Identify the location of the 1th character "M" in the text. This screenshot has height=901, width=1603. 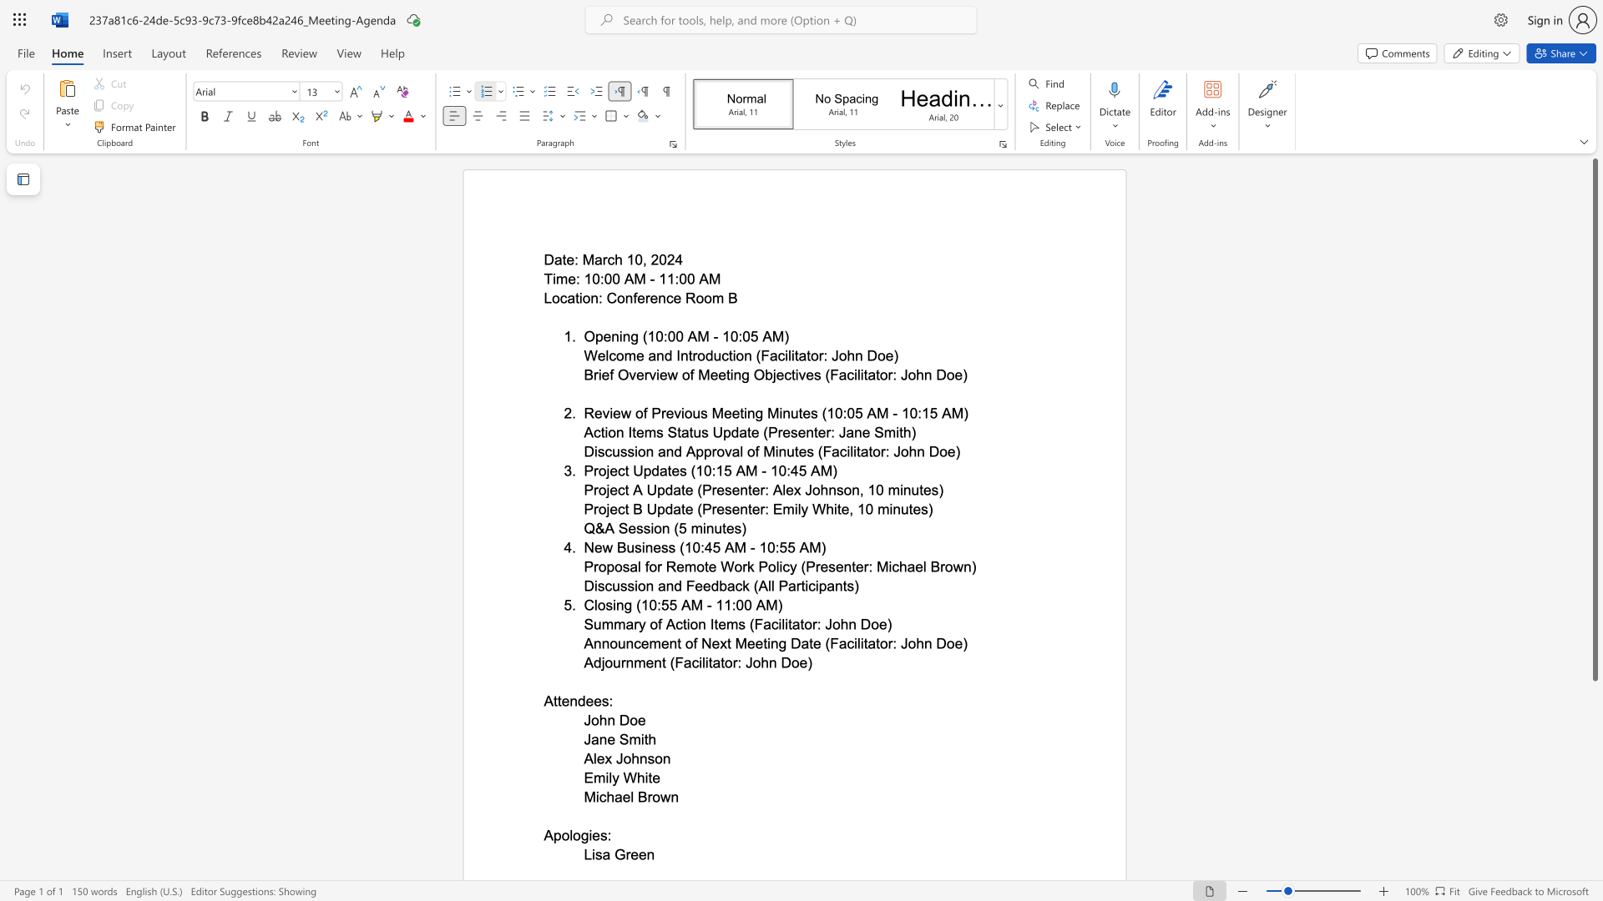
(751, 471).